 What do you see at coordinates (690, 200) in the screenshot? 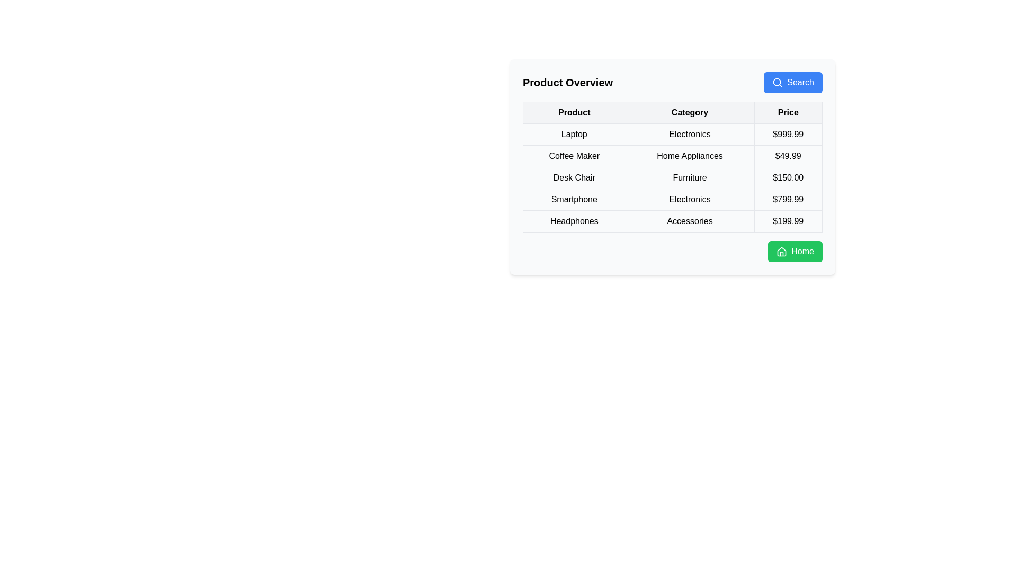
I see `the 'Electronics' text label, which is centrally-aligned with dark text on a light gray background, positioned between 'Smartphone' and '$799.99' in the 'Category' column` at bounding box center [690, 200].